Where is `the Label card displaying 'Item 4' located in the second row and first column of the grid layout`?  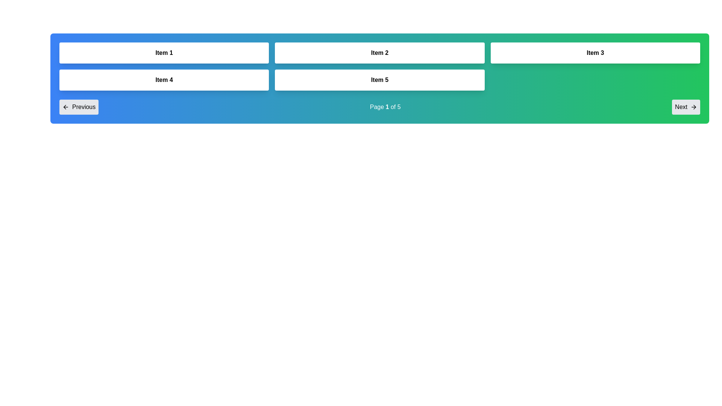 the Label card displaying 'Item 4' located in the second row and first column of the grid layout is located at coordinates (164, 80).